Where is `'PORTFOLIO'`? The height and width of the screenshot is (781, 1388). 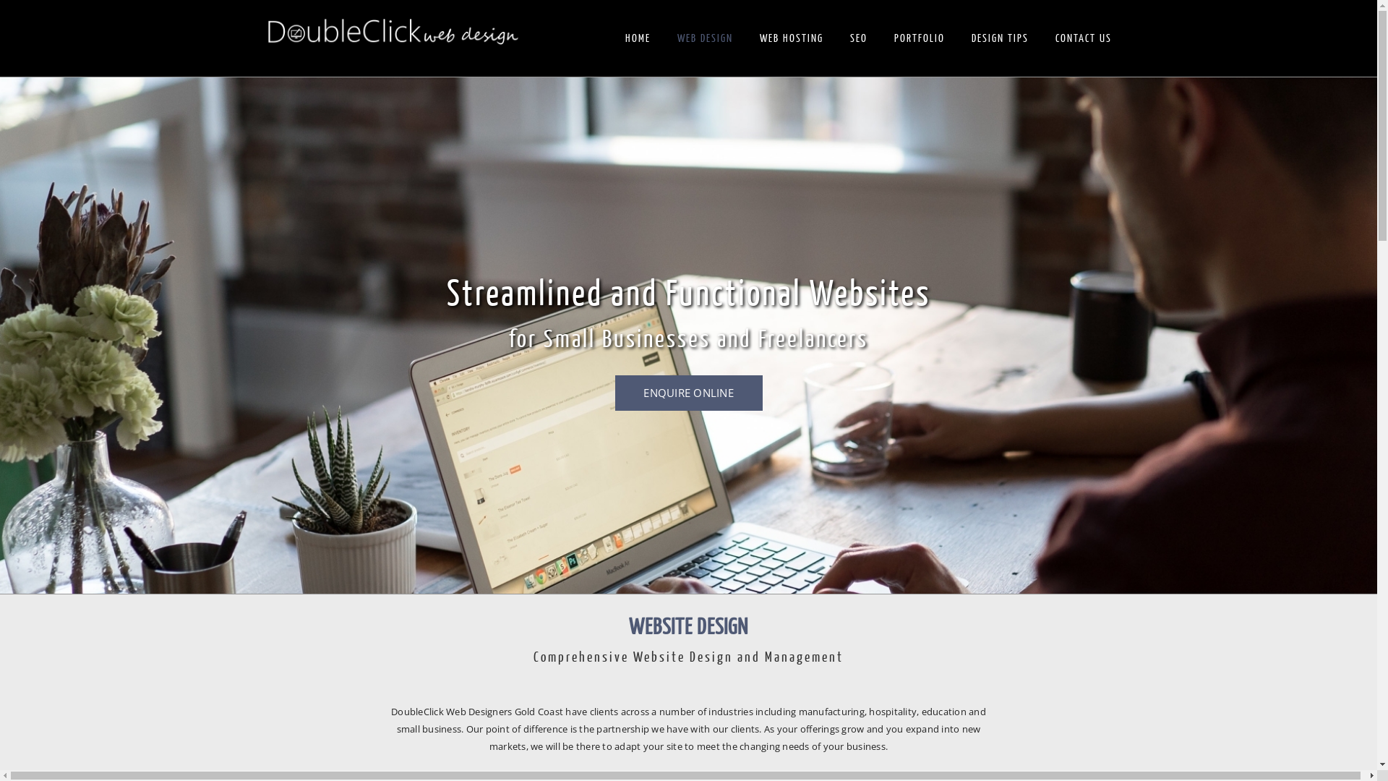 'PORTFOLIO' is located at coordinates (918, 38).